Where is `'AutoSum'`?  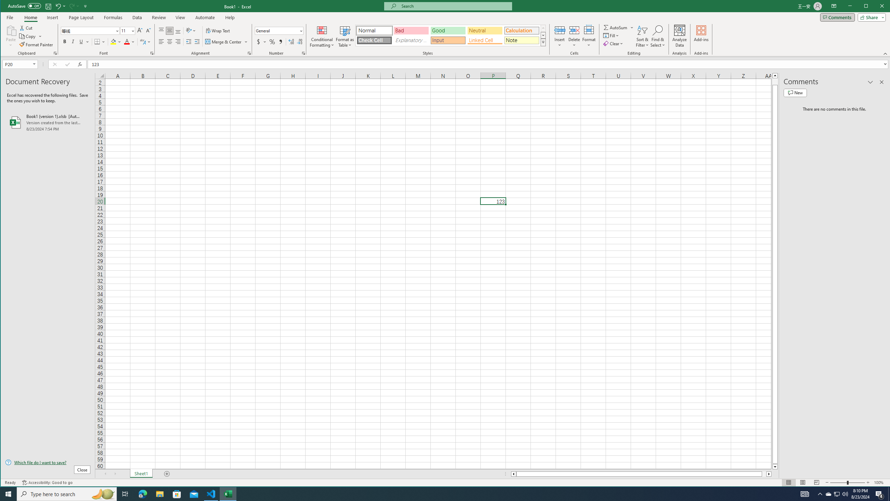 'AutoSum' is located at coordinates (619, 27).